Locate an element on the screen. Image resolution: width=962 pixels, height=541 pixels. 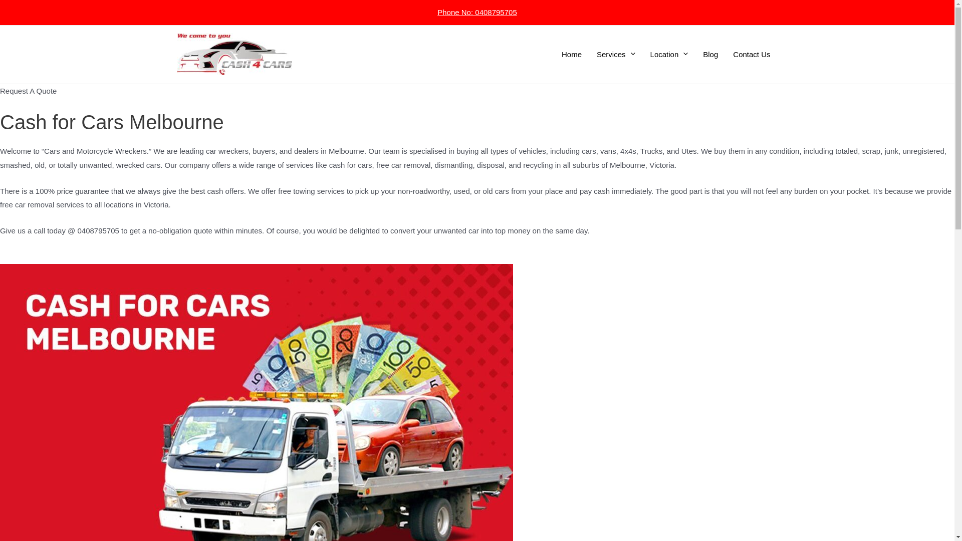
'Phone No: 0408795705' is located at coordinates (476, 12).